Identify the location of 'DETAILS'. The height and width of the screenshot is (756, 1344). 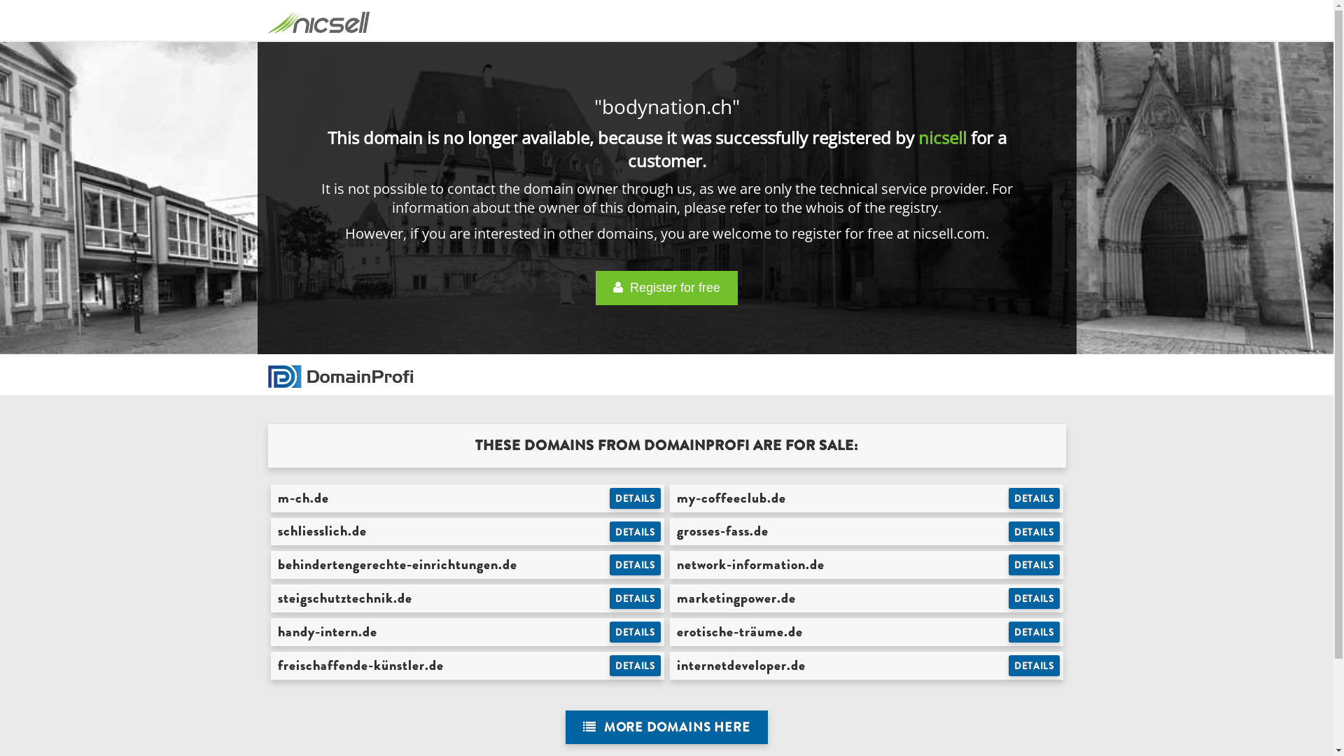
(1034, 563).